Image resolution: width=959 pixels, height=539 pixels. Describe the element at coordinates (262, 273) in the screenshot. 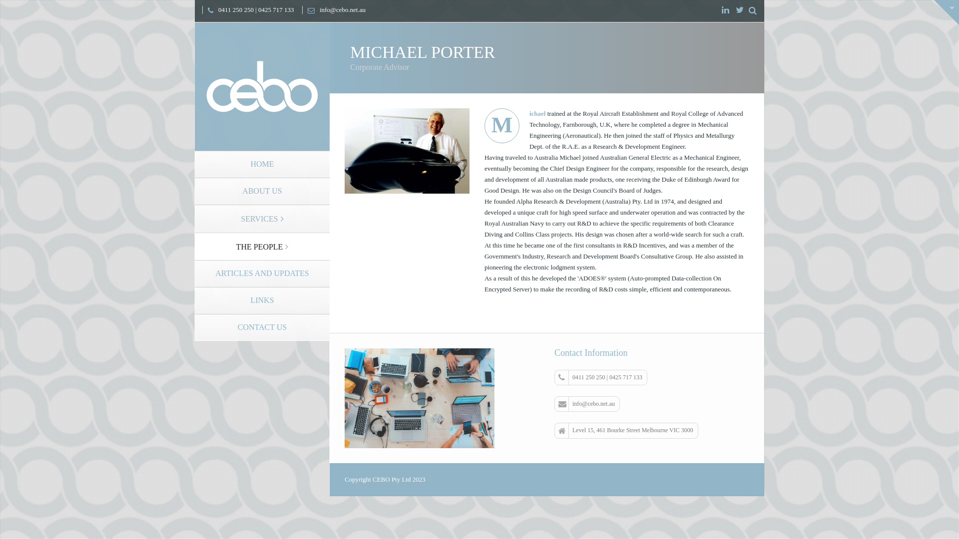

I see `'ARTICLES AND UPDATES'` at that location.